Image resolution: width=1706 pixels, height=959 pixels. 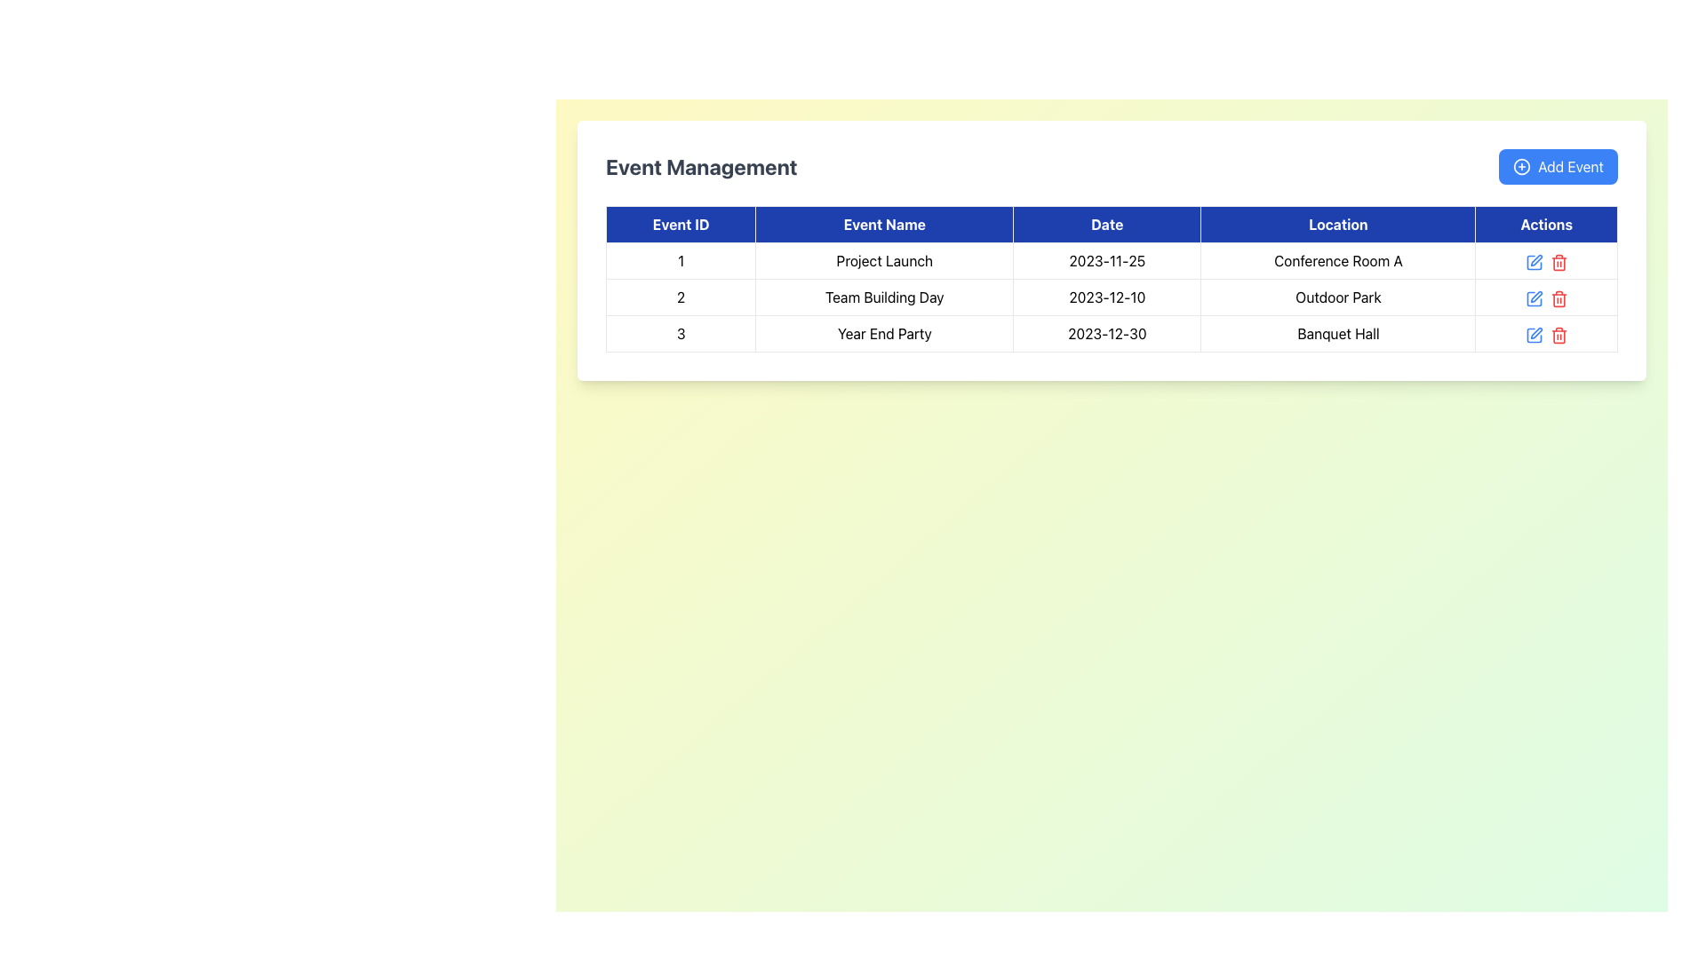 I want to click on the Table Header Cell with the text 'Event Name', which is a blue rectangular cell located in the header row of the table, so click(x=884, y=224).